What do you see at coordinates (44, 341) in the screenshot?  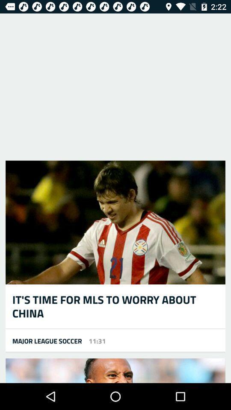 I see `icon at the bottom left corner` at bounding box center [44, 341].